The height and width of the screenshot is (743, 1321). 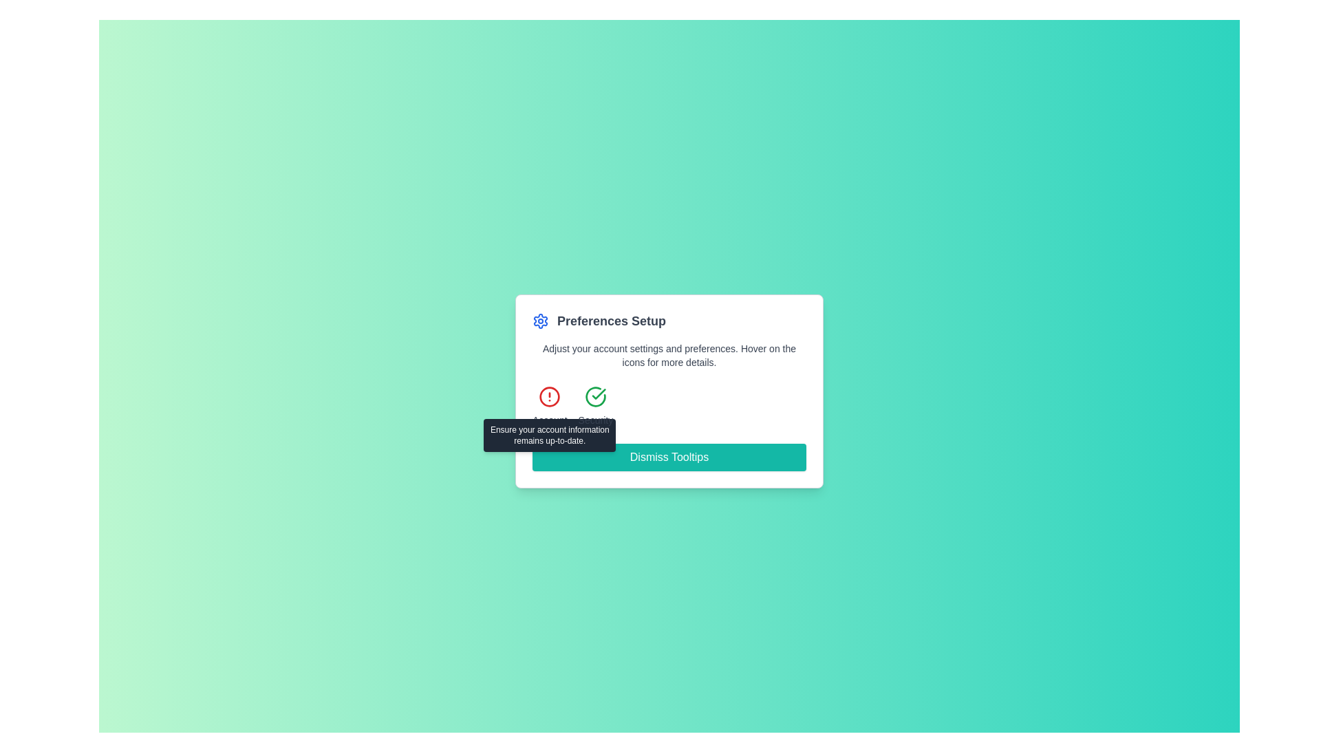 What do you see at coordinates (669, 457) in the screenshot?
I see `the dismiss button located at the bottom of the 'Preferences Setup' dialog box to hide any displayed tooltips` at bounding box center [669, 457].